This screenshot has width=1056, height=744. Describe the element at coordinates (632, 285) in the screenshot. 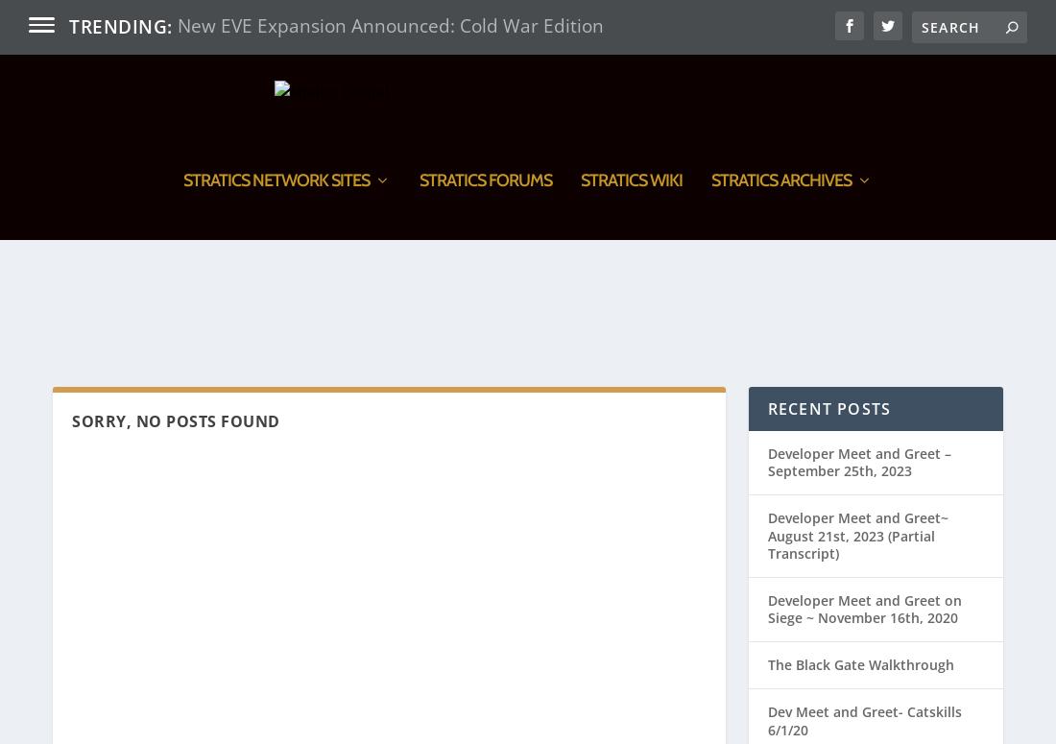

I see `'Stratics Wiki'` at that location.